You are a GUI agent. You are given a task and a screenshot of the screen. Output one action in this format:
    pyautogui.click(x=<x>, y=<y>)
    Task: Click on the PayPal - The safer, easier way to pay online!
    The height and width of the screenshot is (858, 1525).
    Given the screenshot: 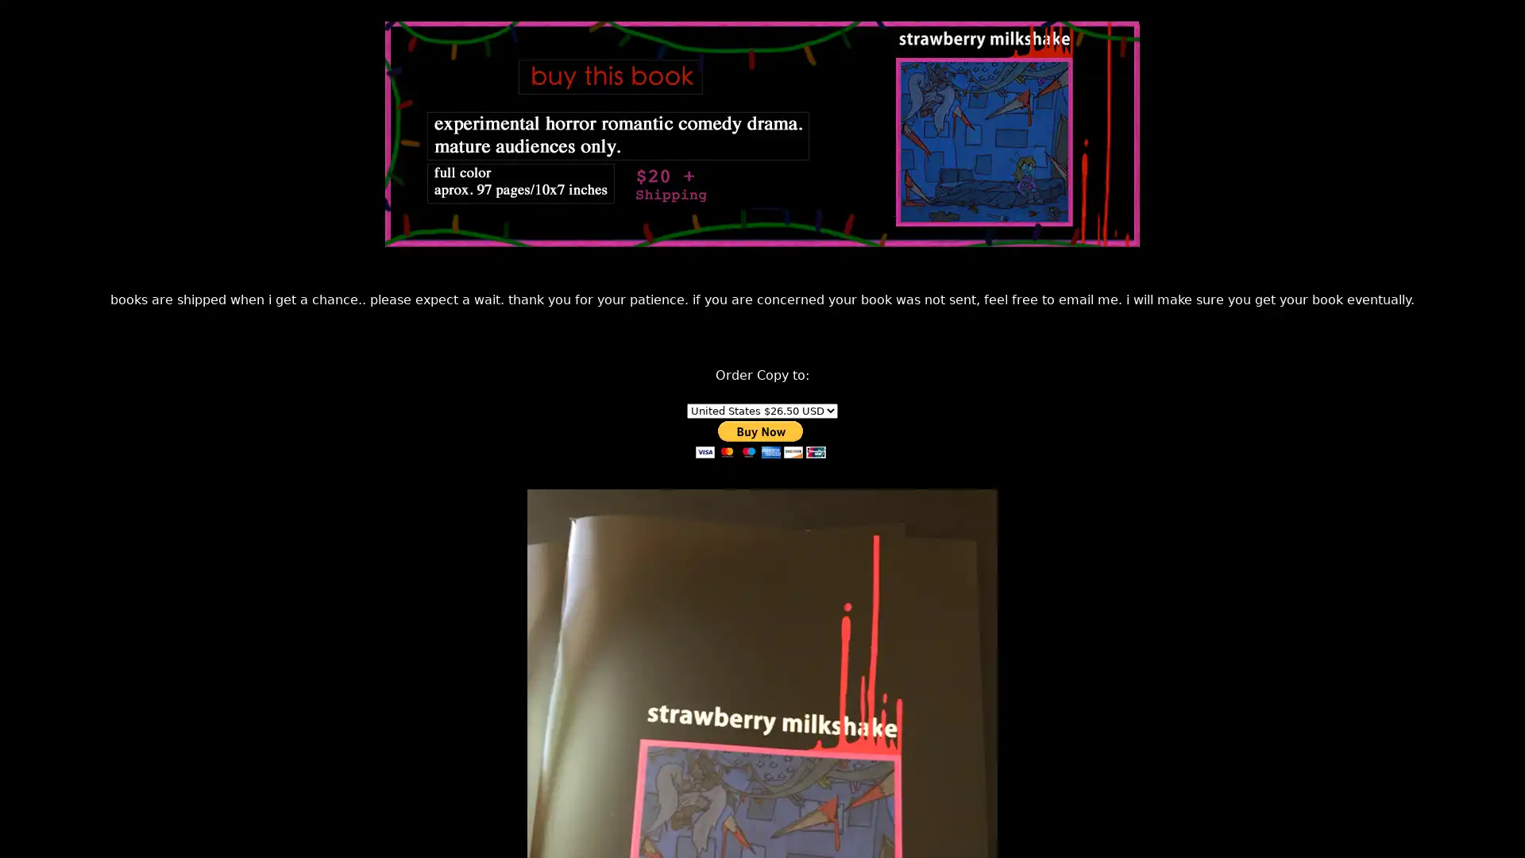 What is the action you would take?
    pyautogui.click(x=759, y=439)
    